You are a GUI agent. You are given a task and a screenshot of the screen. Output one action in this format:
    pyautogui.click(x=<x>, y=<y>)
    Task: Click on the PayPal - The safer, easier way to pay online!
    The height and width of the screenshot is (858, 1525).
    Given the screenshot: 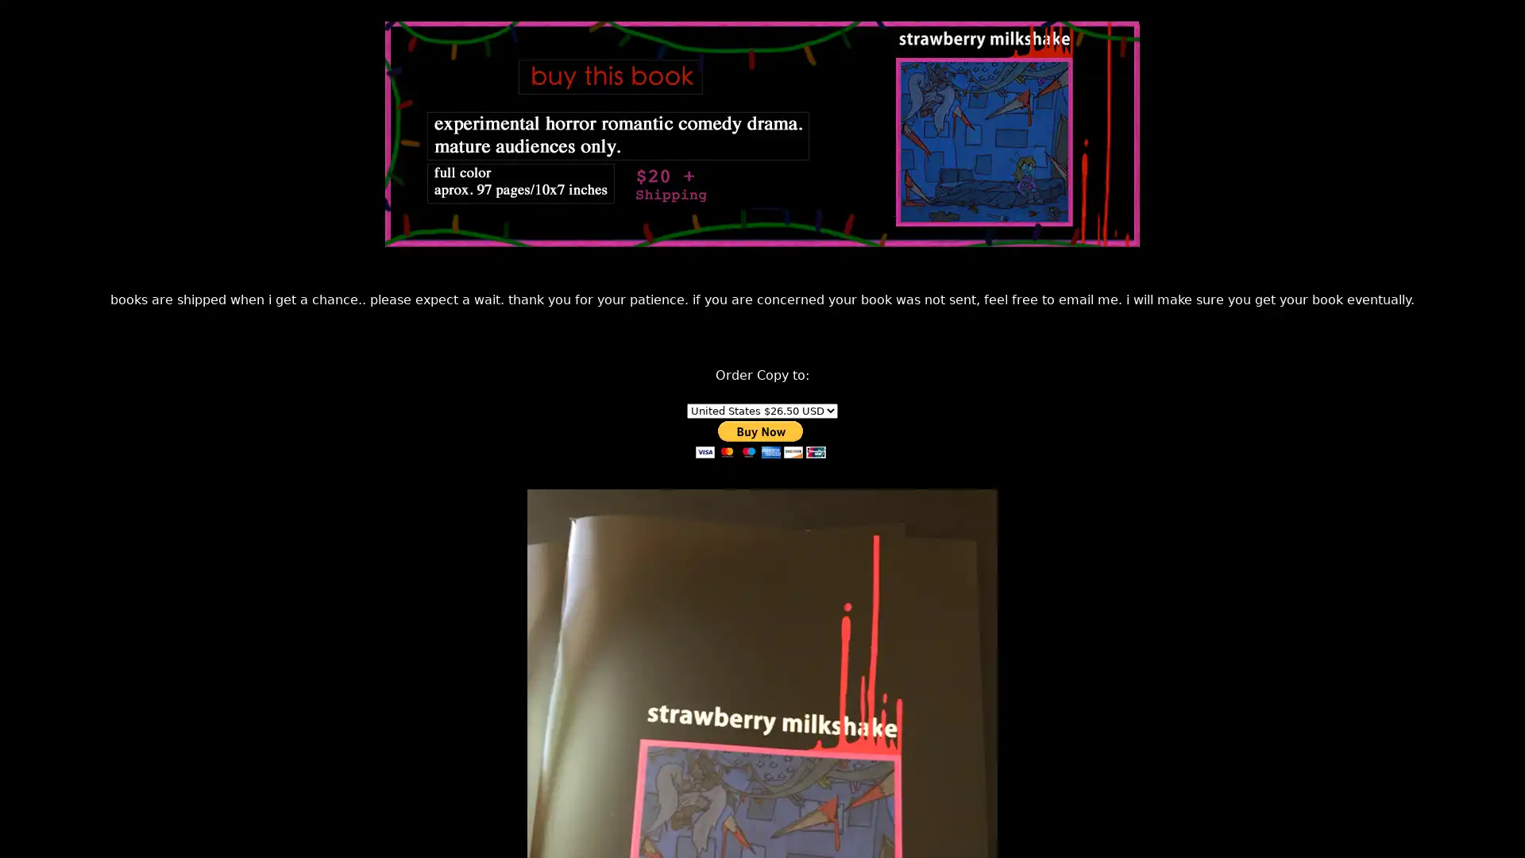 What is the action you would take?
    pyautogui.click(x=759, y=439)
    